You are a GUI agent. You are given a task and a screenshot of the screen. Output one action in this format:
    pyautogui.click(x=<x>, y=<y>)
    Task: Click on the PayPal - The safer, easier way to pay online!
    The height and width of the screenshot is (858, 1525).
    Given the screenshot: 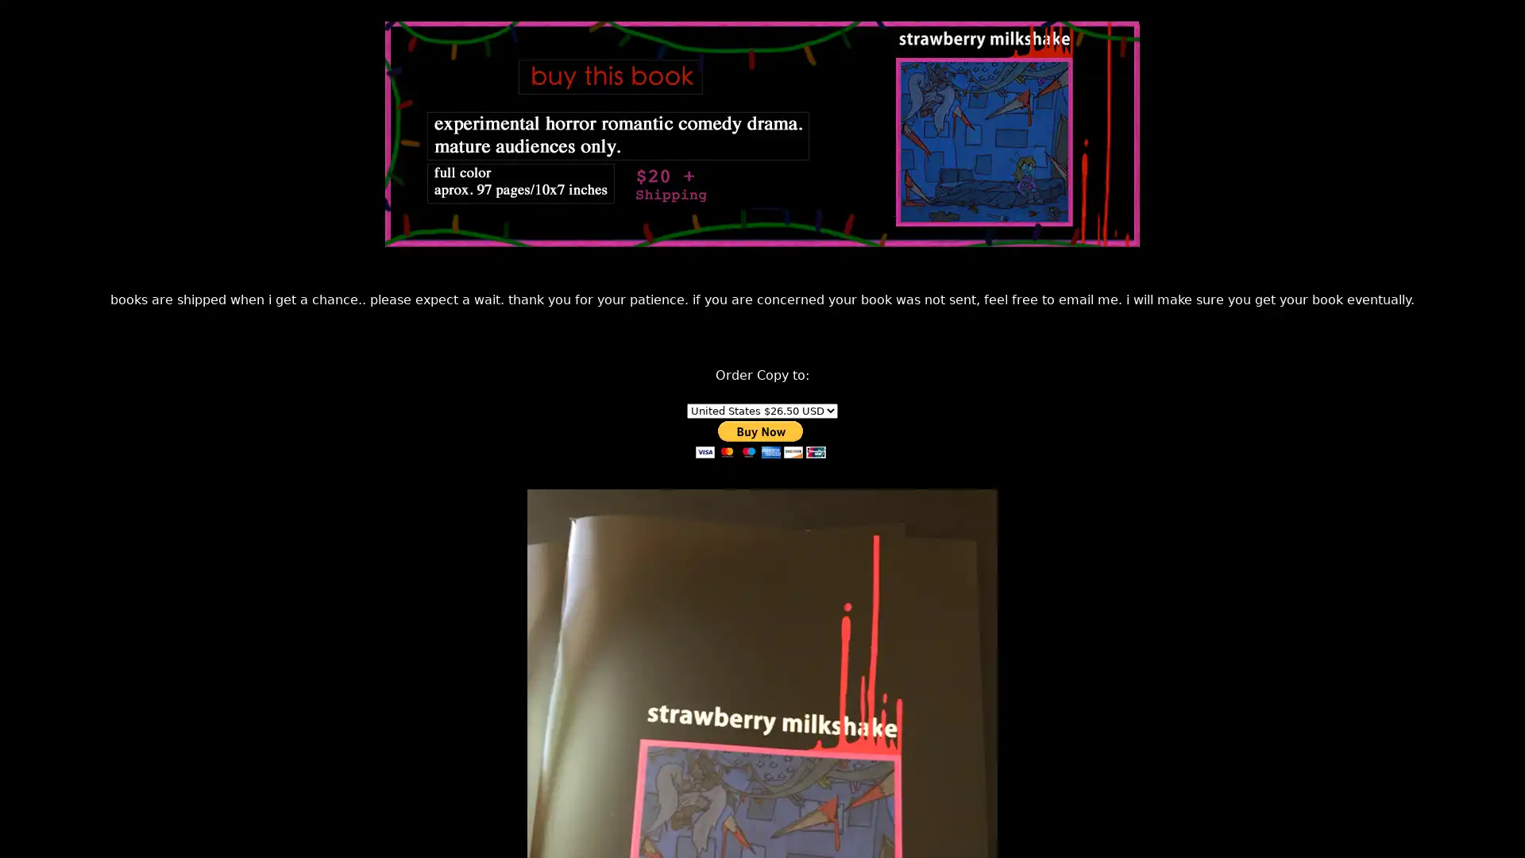 What is the action you would take?
    pyautogui.click(x=759, y=439)
    